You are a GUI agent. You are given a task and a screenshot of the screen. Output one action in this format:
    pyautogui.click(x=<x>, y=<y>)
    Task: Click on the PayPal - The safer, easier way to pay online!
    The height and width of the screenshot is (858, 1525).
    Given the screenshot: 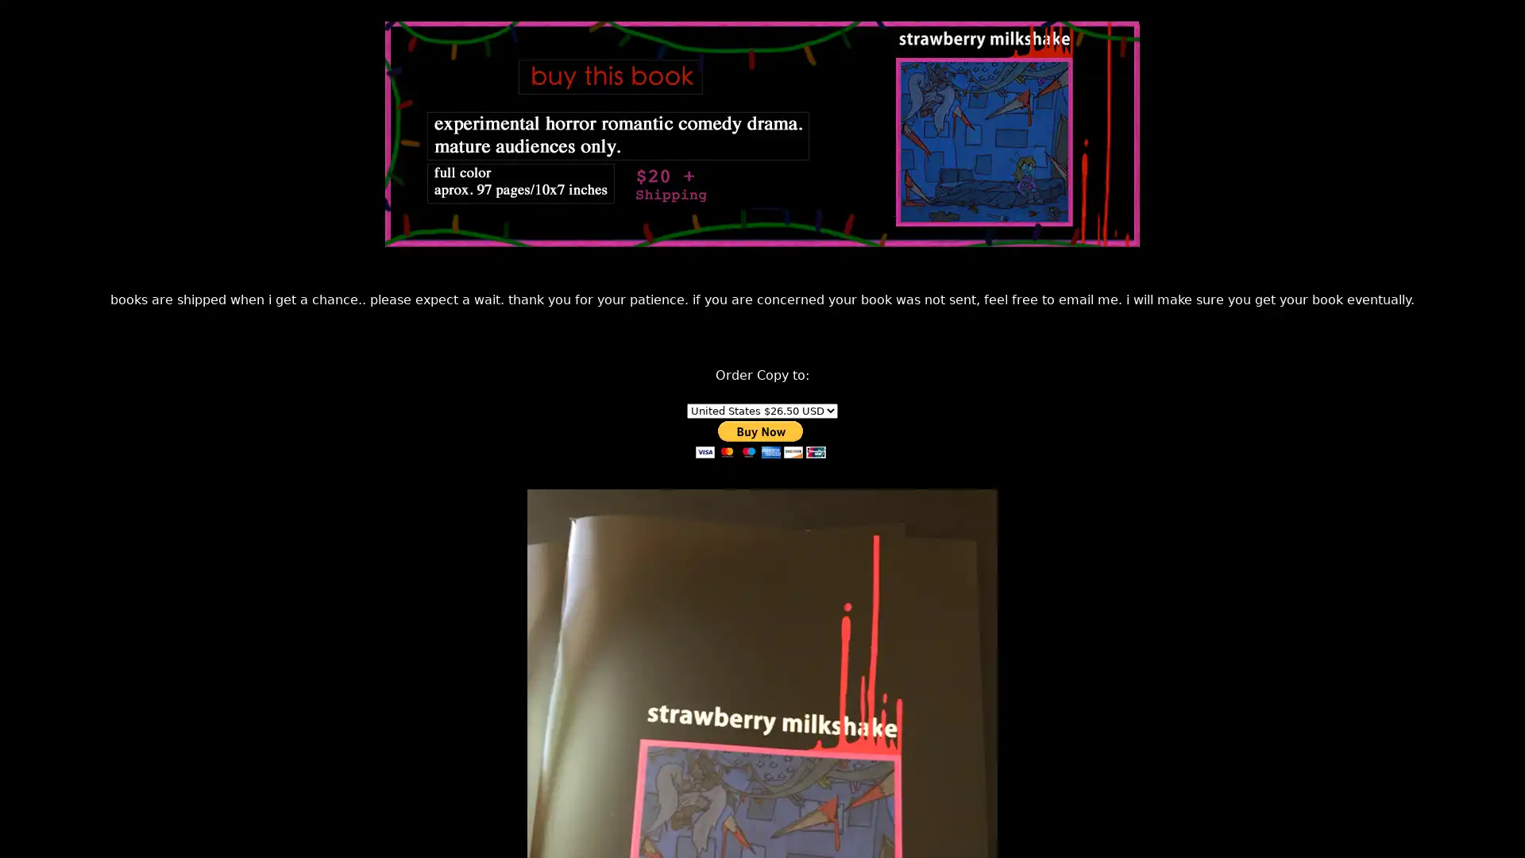 What is the action you would take?
    pyautogui.click(x=759, y=439)
    